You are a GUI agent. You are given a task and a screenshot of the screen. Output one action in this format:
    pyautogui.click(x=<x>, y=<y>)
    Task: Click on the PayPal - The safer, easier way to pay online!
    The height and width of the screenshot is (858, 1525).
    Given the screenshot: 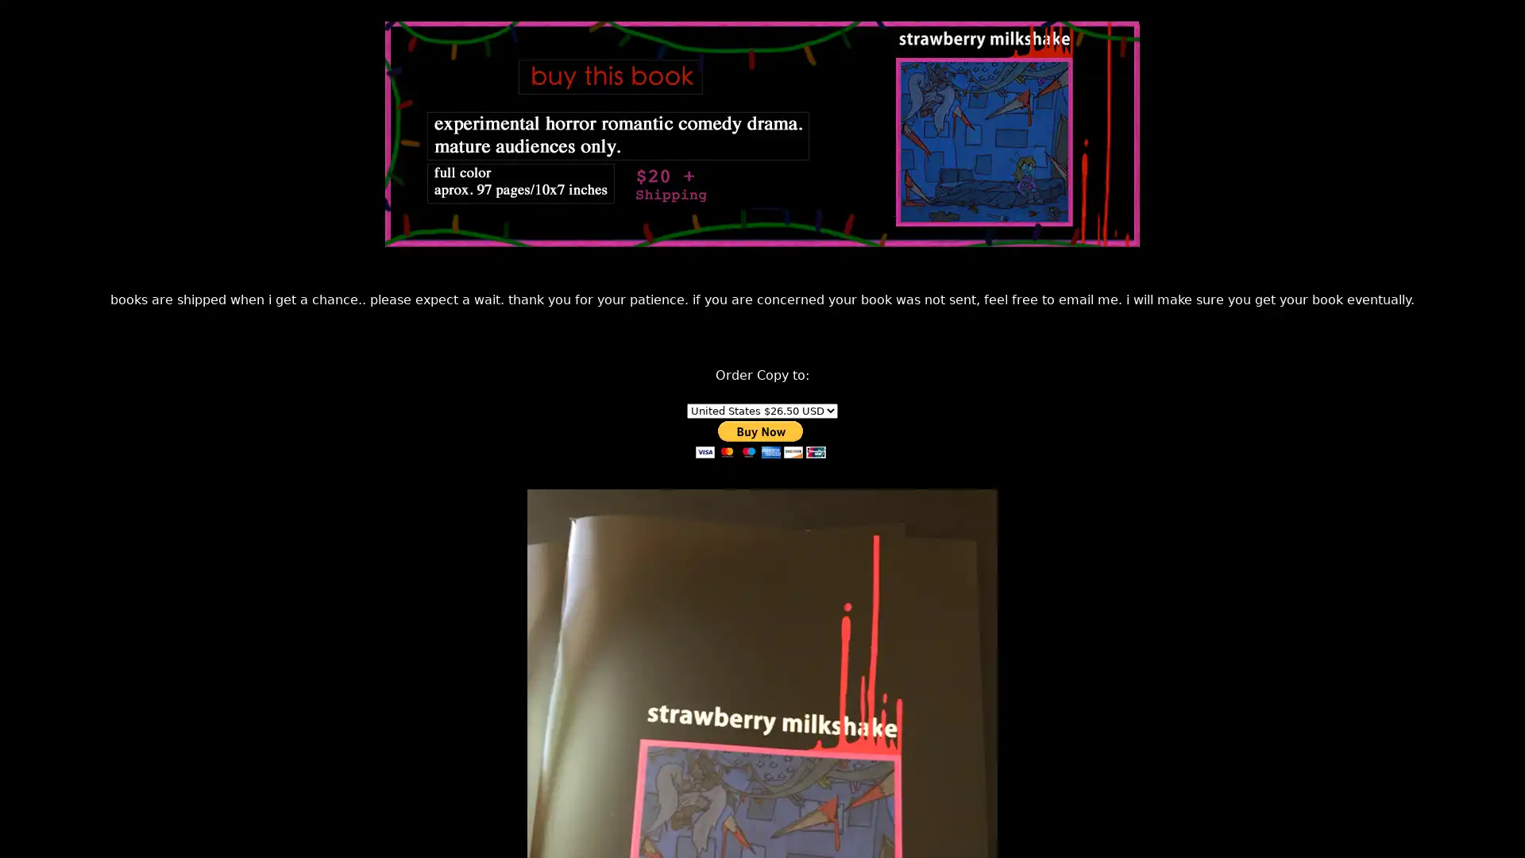 What is the action you would take?
    pyautogui.click(x=759, y=439)
    